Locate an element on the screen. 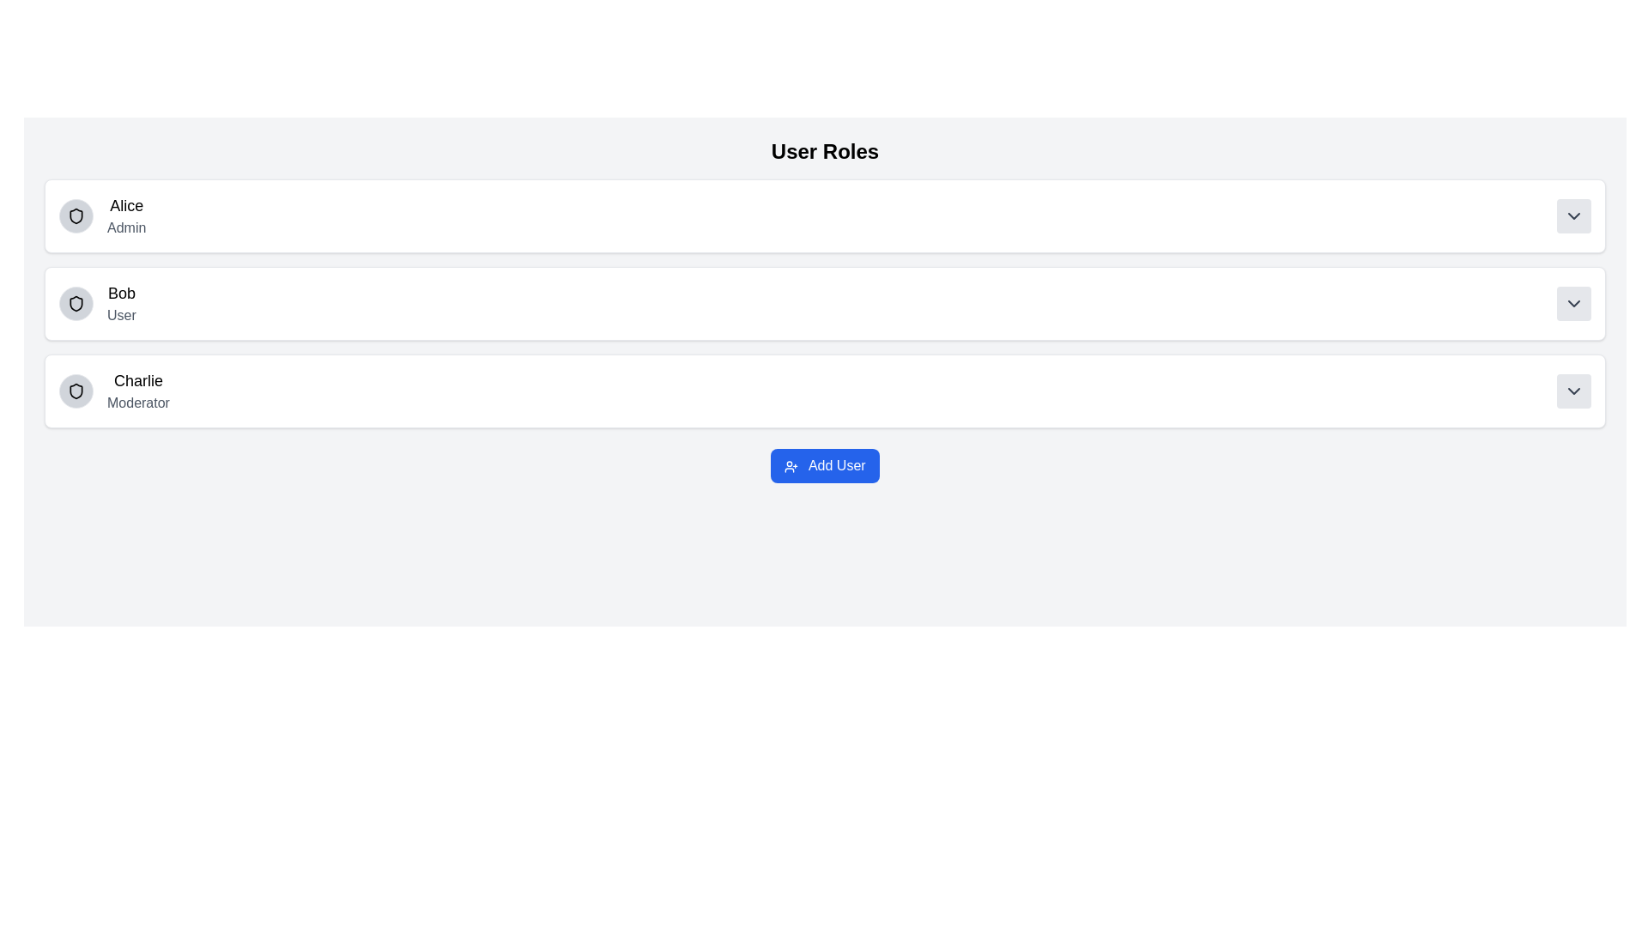 Image resolution: width=1648 pixels, height=927 pixels. the text label indicating the user's name and role, which is positioned to the right of the circular icon in the middle row of the list, specifically in the second row of user entries between 'Alice Admin' and 'Charlie Moderator' is located at coordinates (120, 303).